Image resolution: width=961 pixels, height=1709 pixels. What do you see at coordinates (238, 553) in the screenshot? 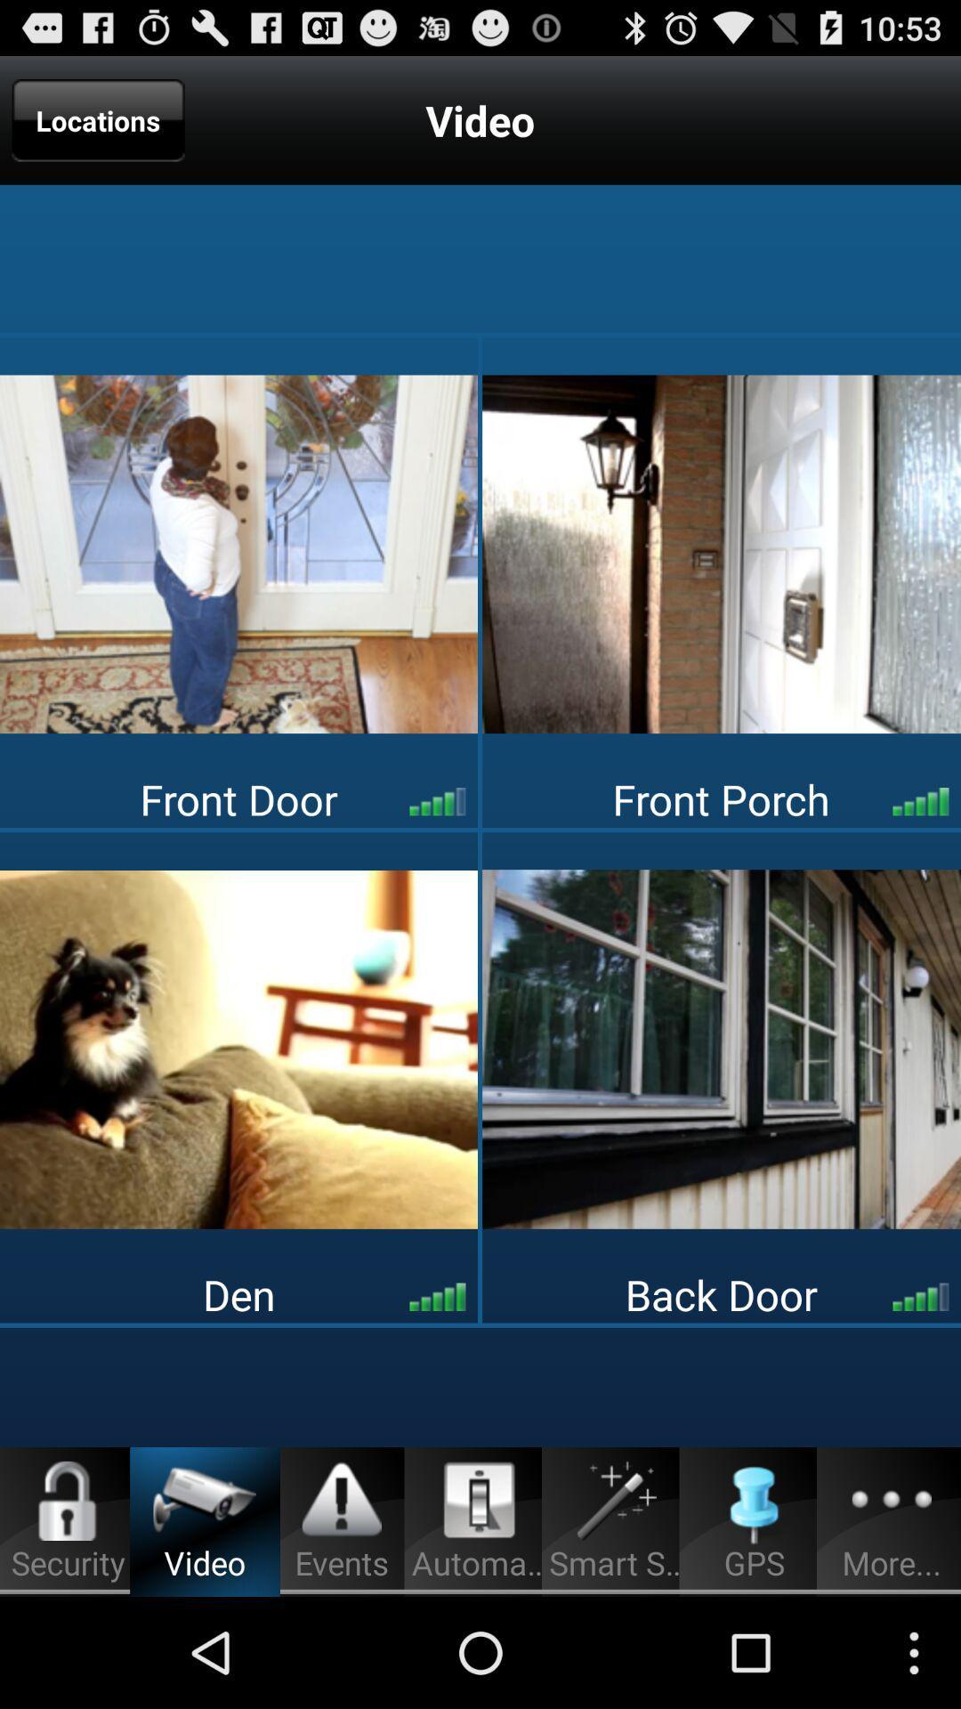
I see `watch front door camera` at bounding box center [238, 553].